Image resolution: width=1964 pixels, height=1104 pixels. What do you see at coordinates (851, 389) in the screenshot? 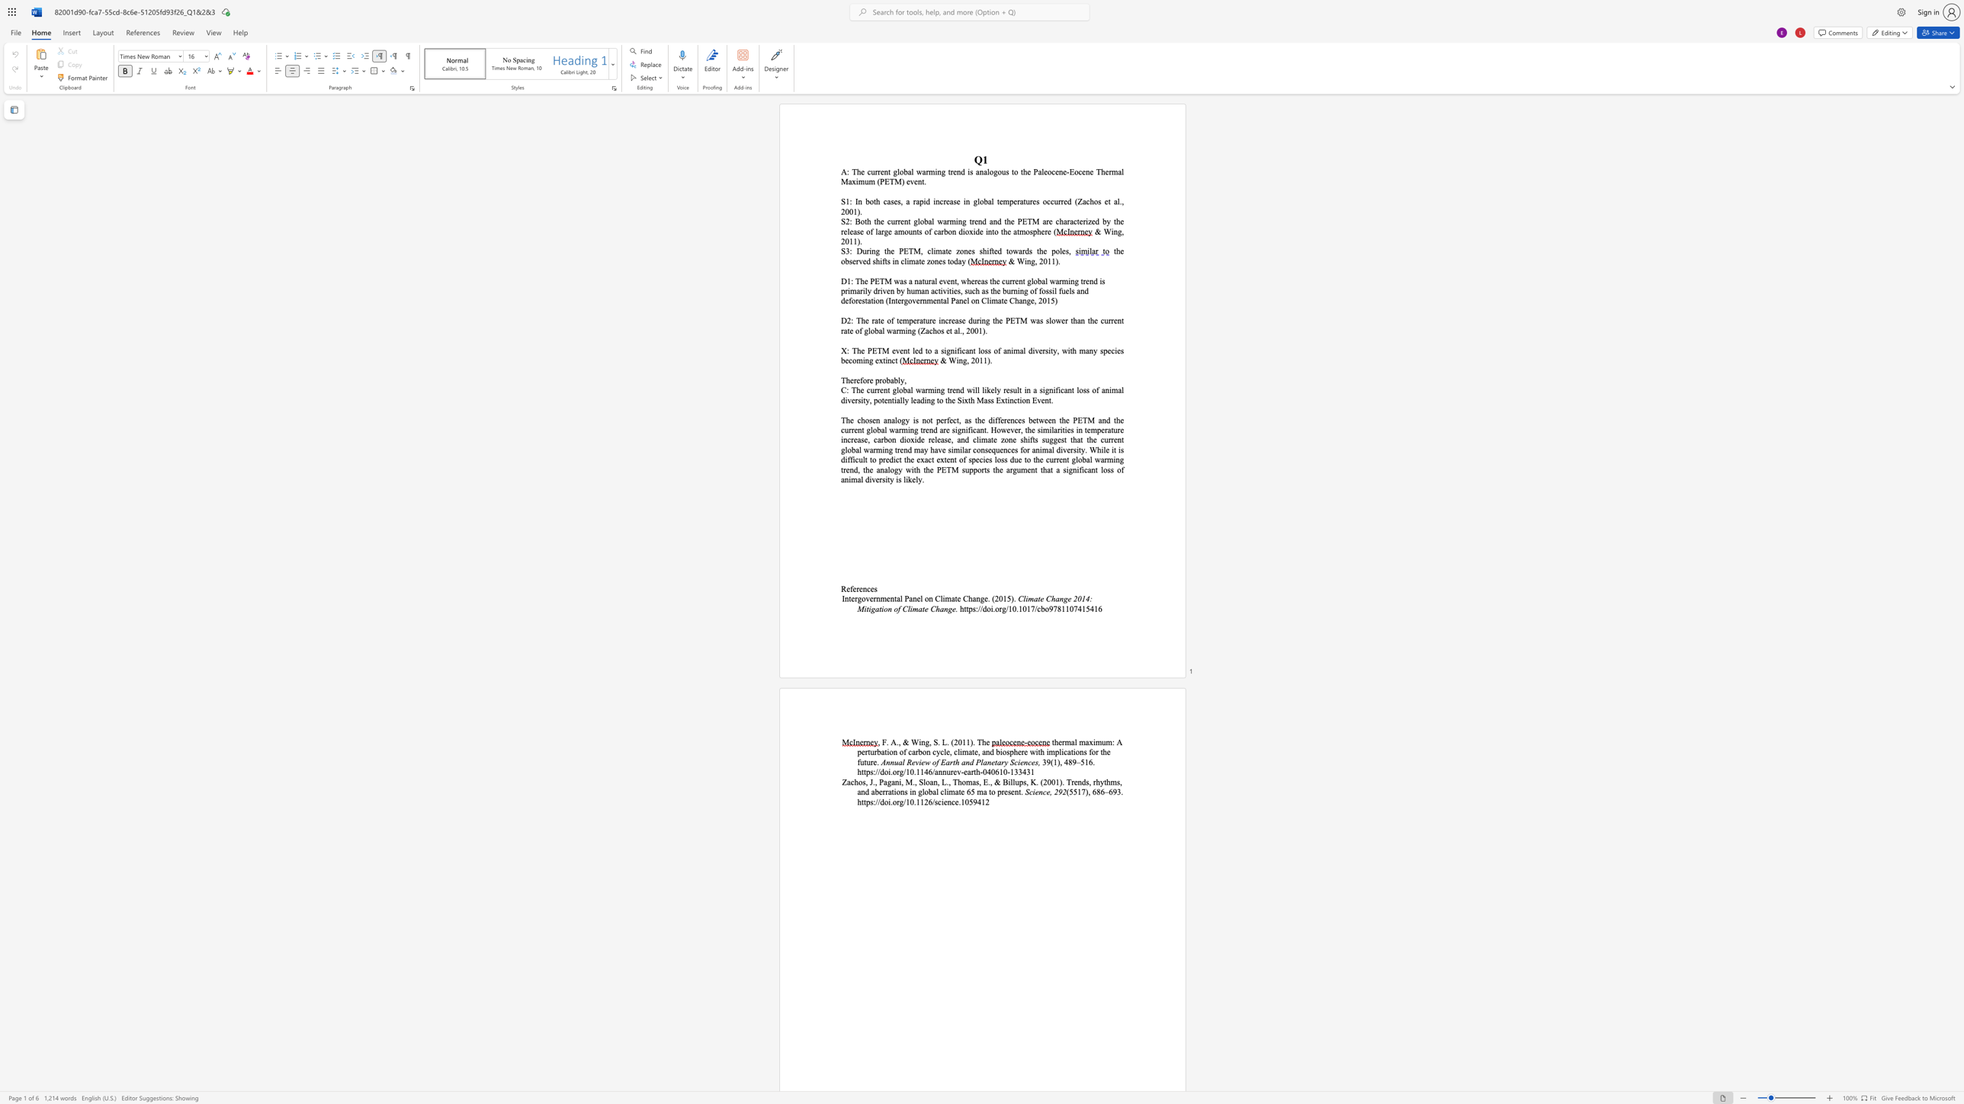
I see `the subset text "The c" within the text "C: The cur"` at bounding box center [851, 389].